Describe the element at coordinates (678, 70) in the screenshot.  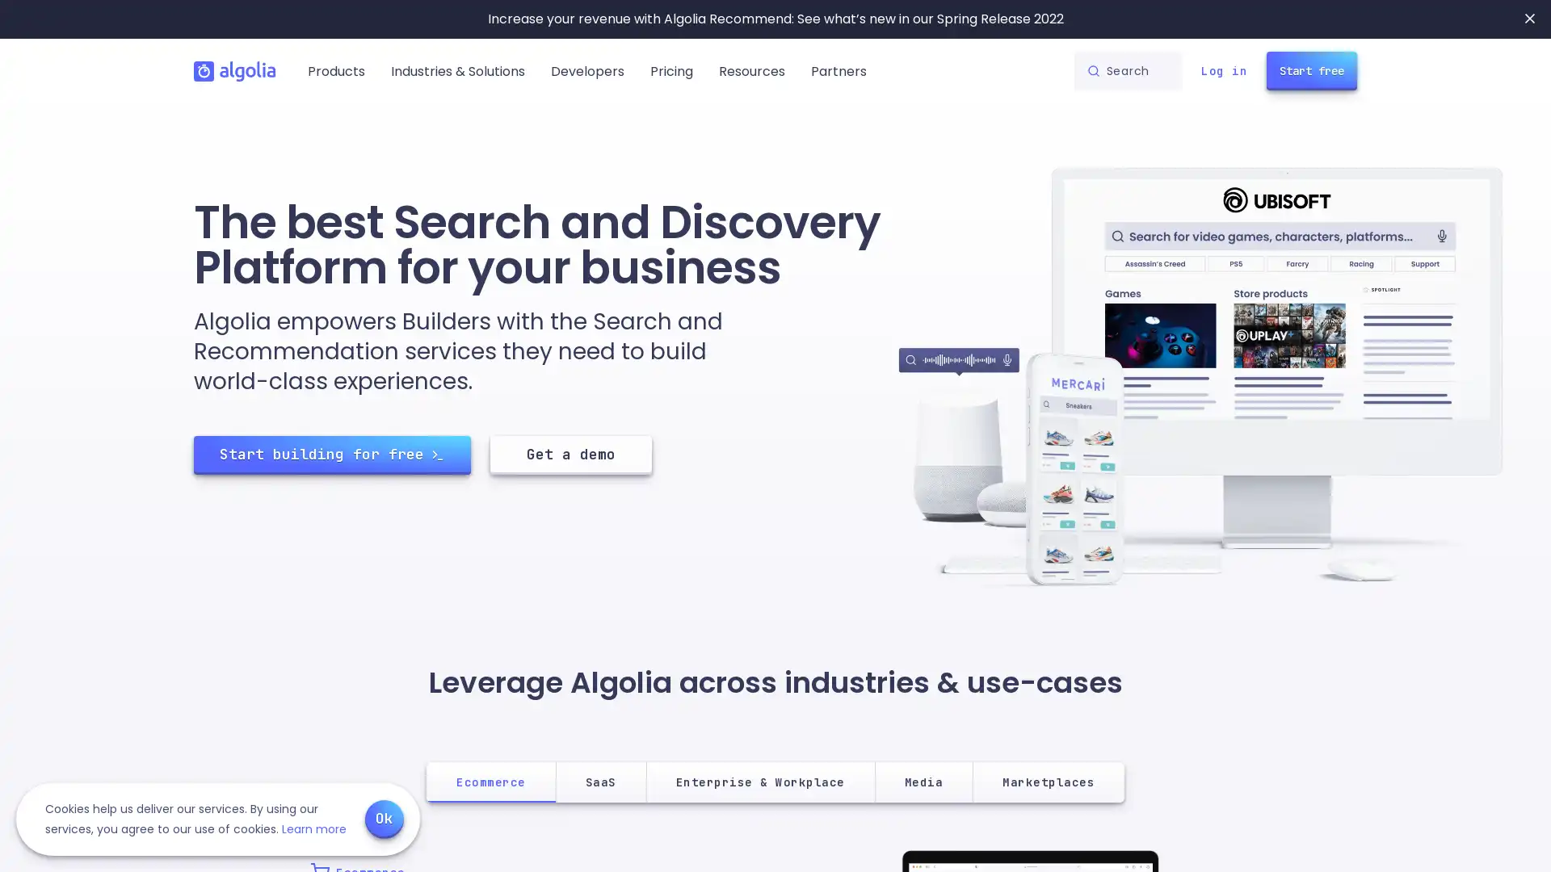
I see `Pricing` at that location.